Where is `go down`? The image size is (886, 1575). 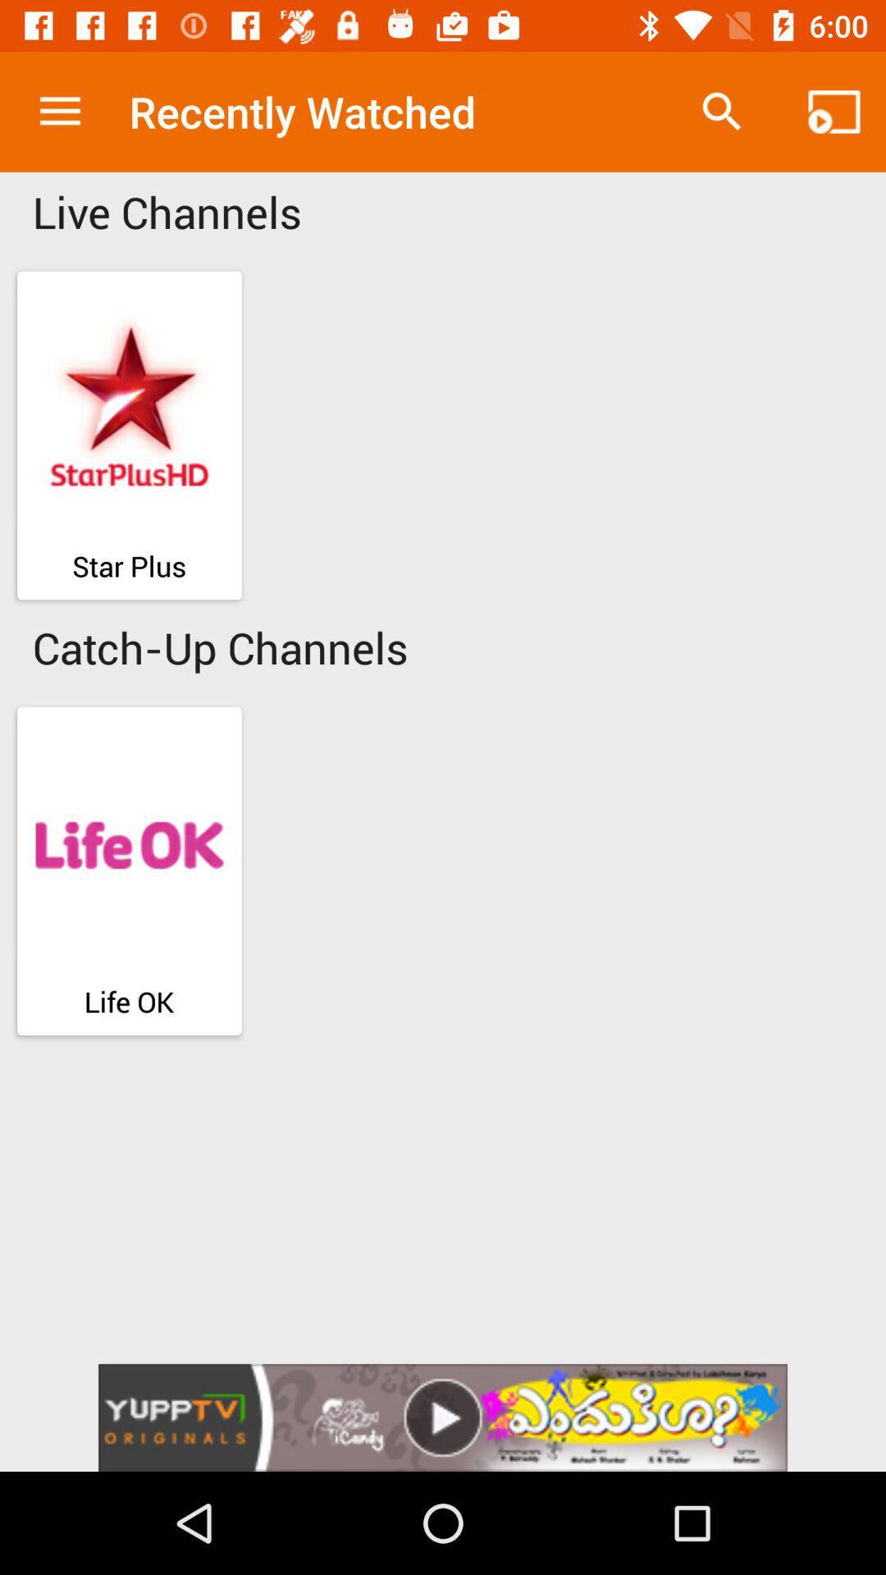
go down is located at coordinates (443, 1417).